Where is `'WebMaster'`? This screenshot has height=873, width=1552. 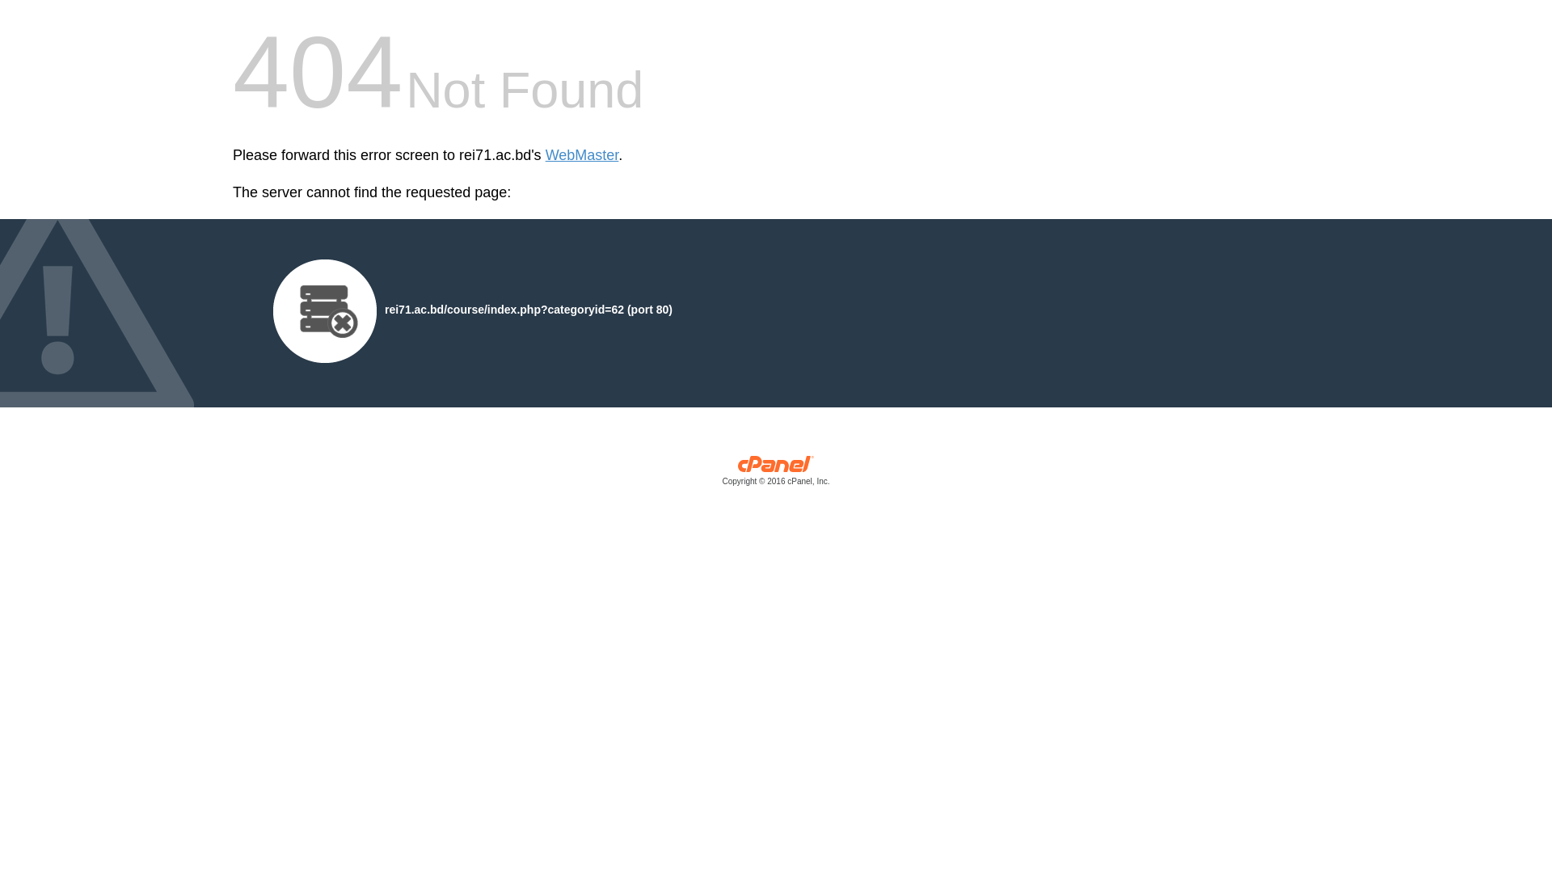
'WebMaster' is located at coordinates (582, 155).